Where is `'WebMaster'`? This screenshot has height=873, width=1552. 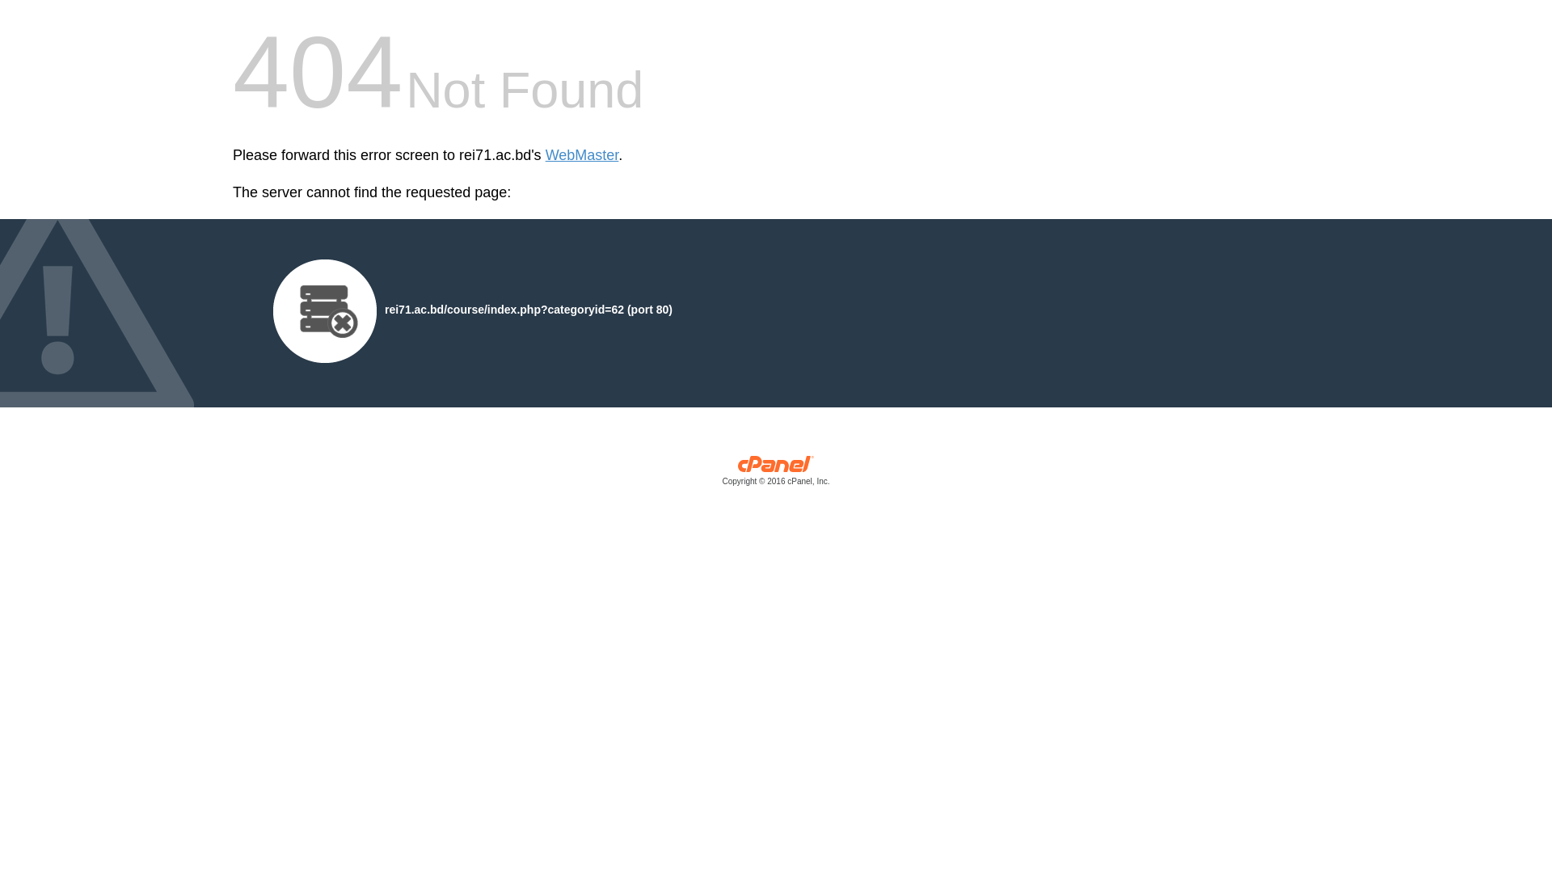
'WebMaster' is located at coordinates (582, 155).